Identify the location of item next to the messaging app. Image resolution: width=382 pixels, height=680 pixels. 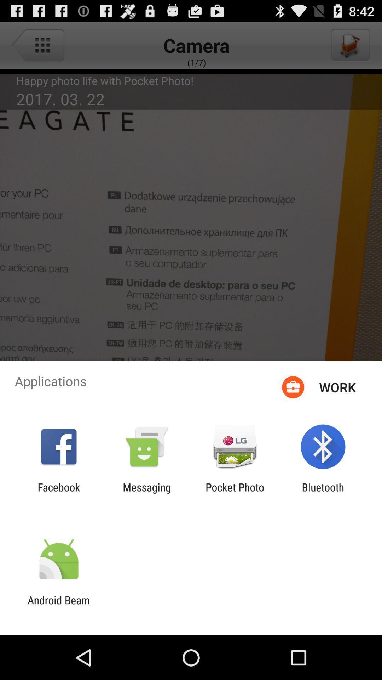
(235, 493).